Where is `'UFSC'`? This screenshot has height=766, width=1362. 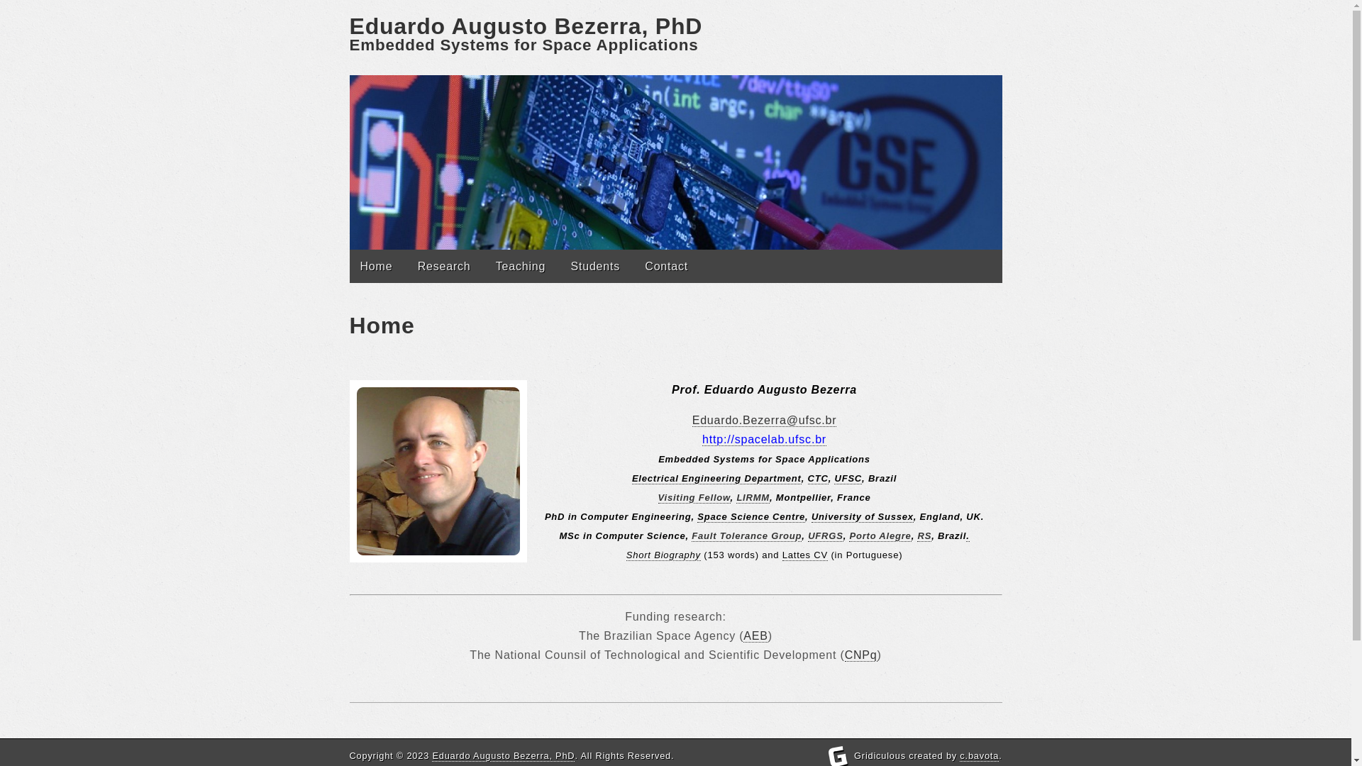 'UFSC' is located at coordinates (834, 479).